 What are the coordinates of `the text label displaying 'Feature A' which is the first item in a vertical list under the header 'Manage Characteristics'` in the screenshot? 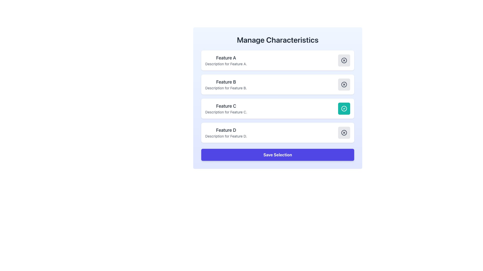 It's located at (226, 58).